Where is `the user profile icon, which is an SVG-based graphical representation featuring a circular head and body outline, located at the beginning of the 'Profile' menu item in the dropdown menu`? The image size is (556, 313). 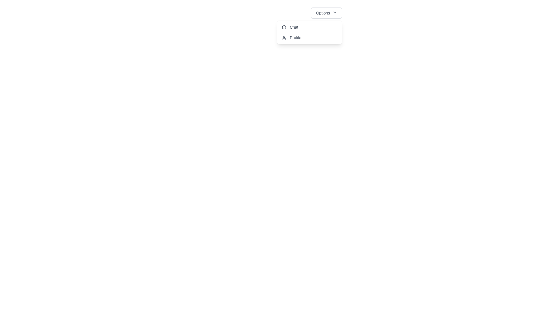
the user profile icon, which is an SVG-based graphical representation featuring a circular head and body outline, located at the beginning of the 'Profile' menu item in the dropdown menu is located at coordinates (284, 38).